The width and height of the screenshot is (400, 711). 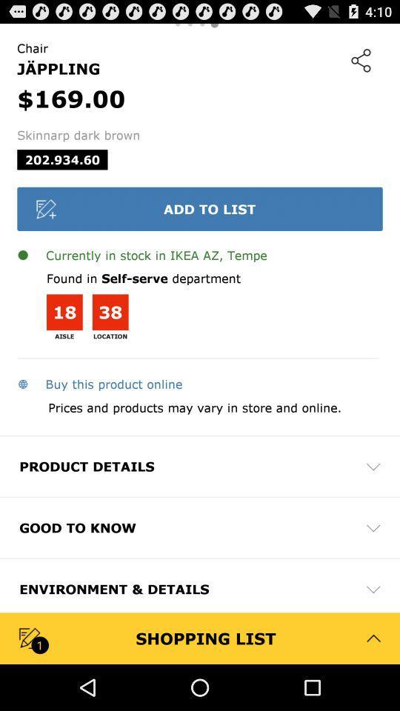 I want to click on the button on the right next to the button product details on the web page, so click(x=373, y=465).